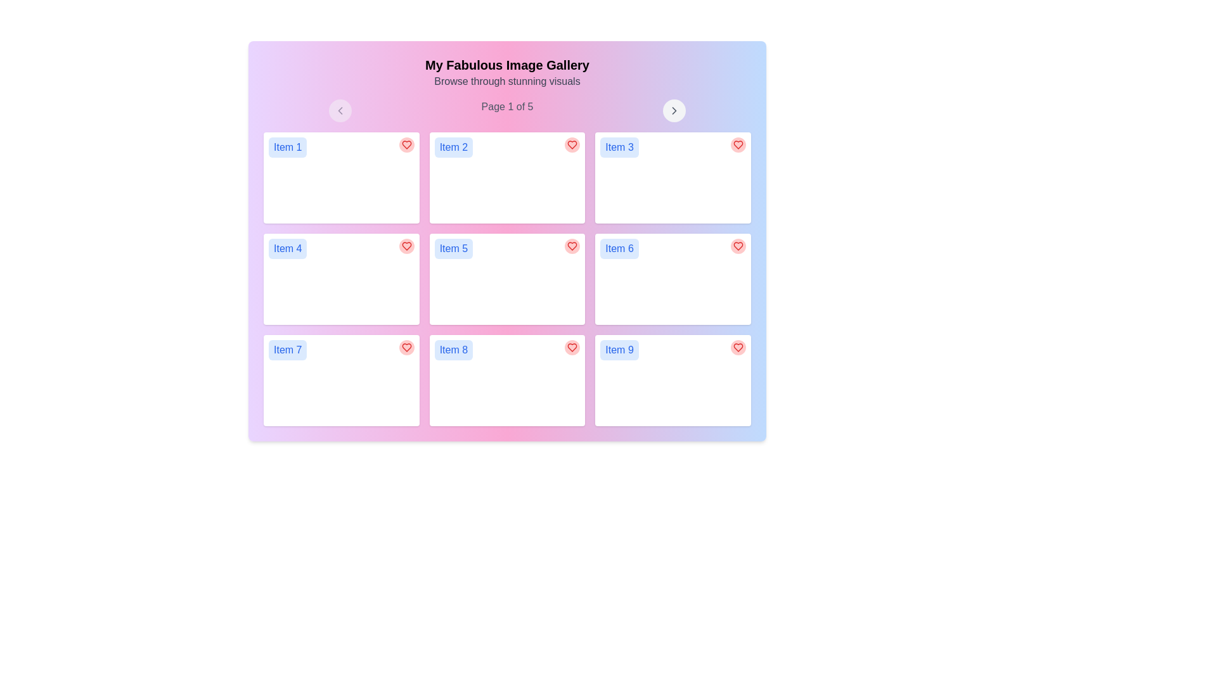 The image size is (1217, 684). What do you see at coordinates (507, 278) in the screenshot?
I see `items within the grid layout that is centrally located below the title 'My Fabulous Image Gallery' and pagination information ('Page 1 of 5')` at bounding box center [507, 278].